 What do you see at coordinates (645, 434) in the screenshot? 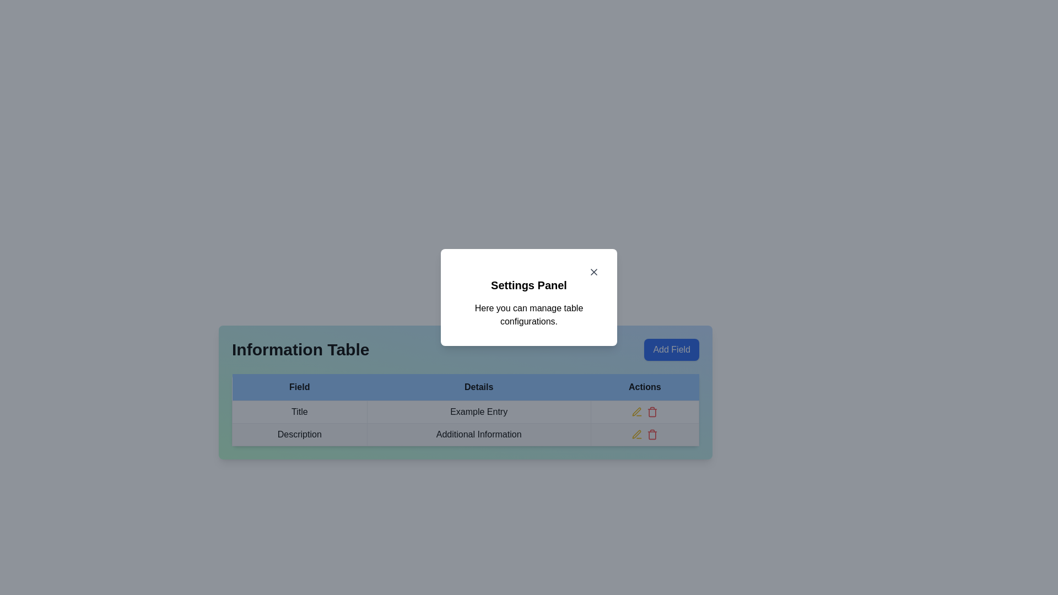
I see `the delete icon in the icon button set located at the far right of the 'Actions' row in the table for 'Additional Information'` at bounding box center [645, 434].